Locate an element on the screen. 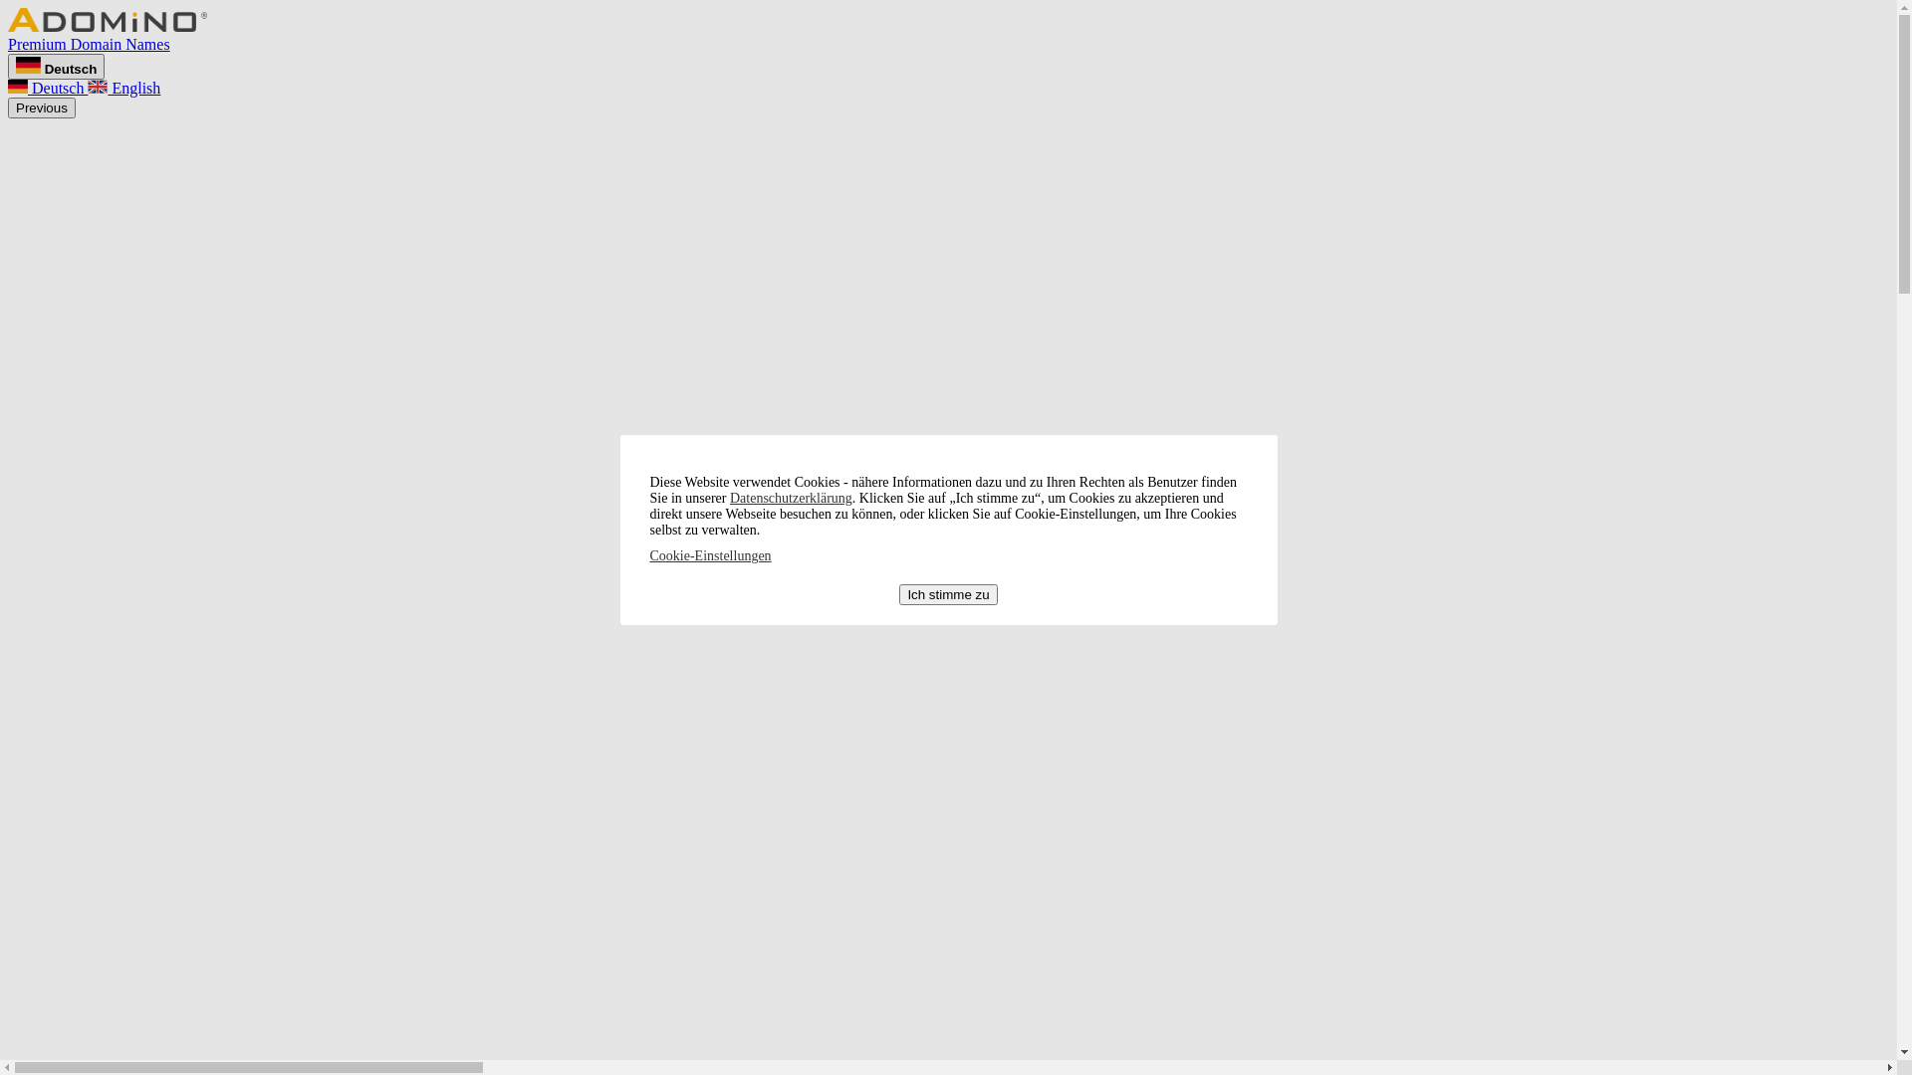  'Previous' is located at coordinates (42, 107).